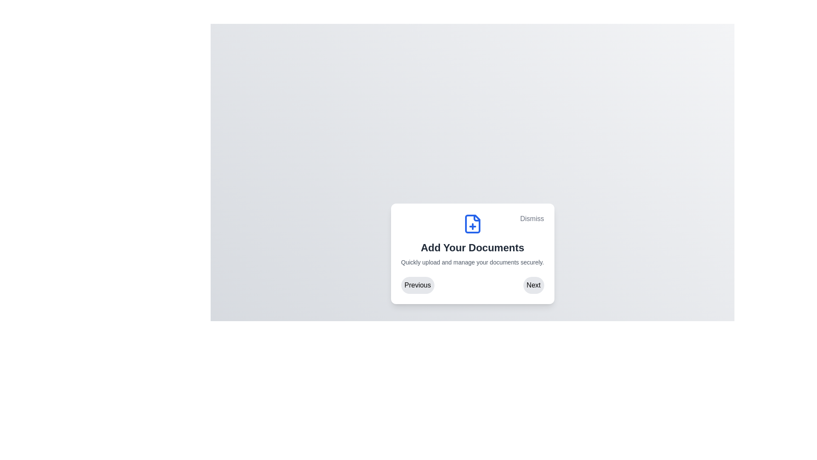 This screenshot has width=817, height=460. What do you see at coordinates (531, 218) in the screenshot?
I see `the dismiss button located in the top-right corner of the modal interface to change its color for visual feedback` at bounding box center [531, 218].